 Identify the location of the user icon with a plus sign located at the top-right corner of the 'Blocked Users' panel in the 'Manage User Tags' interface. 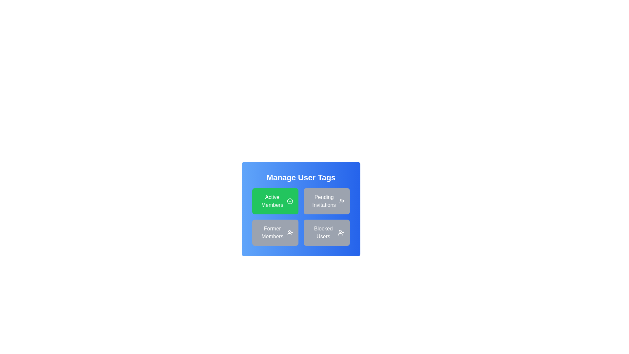
(341, 232).